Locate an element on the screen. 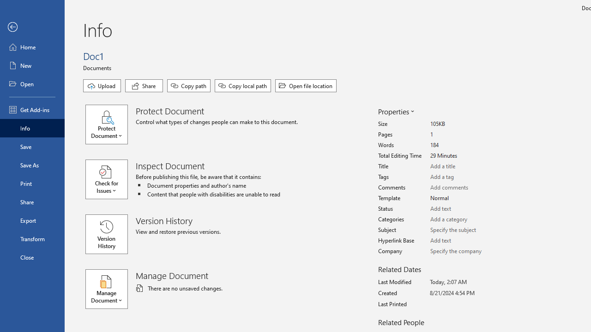 This screenshot has width=591, height=332. 'Status' is located at coordinates (464, 209).